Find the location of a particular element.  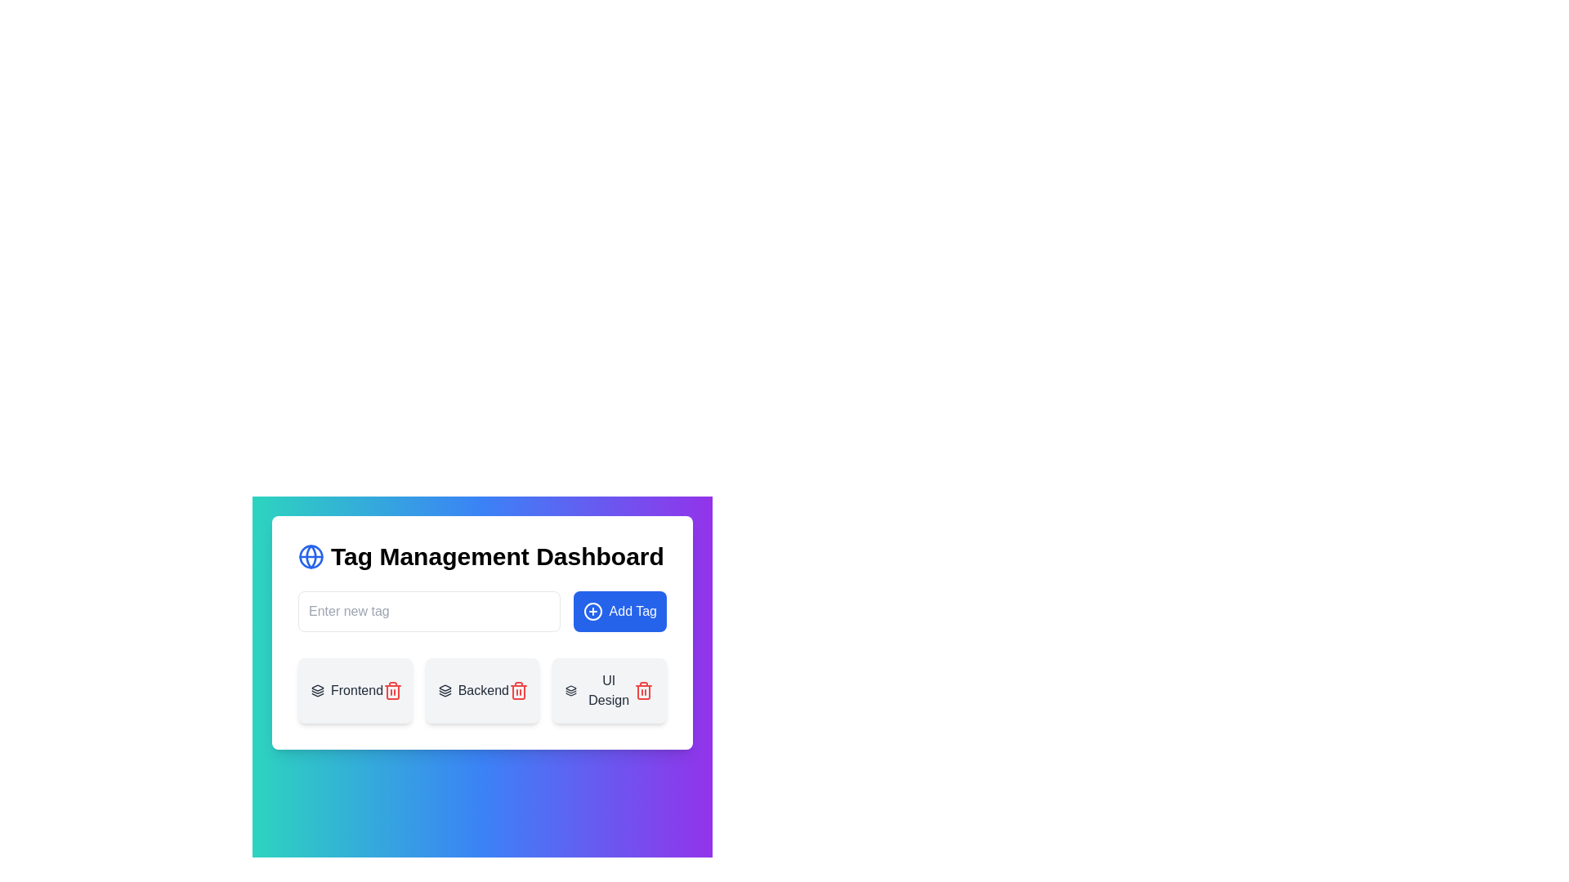

the label containing the icon and text 'UI Design', which is the third item in a horizontal row of tags in the 'Tag Management Dashboard' is located at coordinates (599, 690).